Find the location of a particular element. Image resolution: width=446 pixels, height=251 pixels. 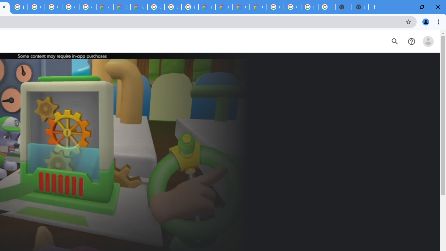

'Open account menu' is located at coordinates (428, 41).